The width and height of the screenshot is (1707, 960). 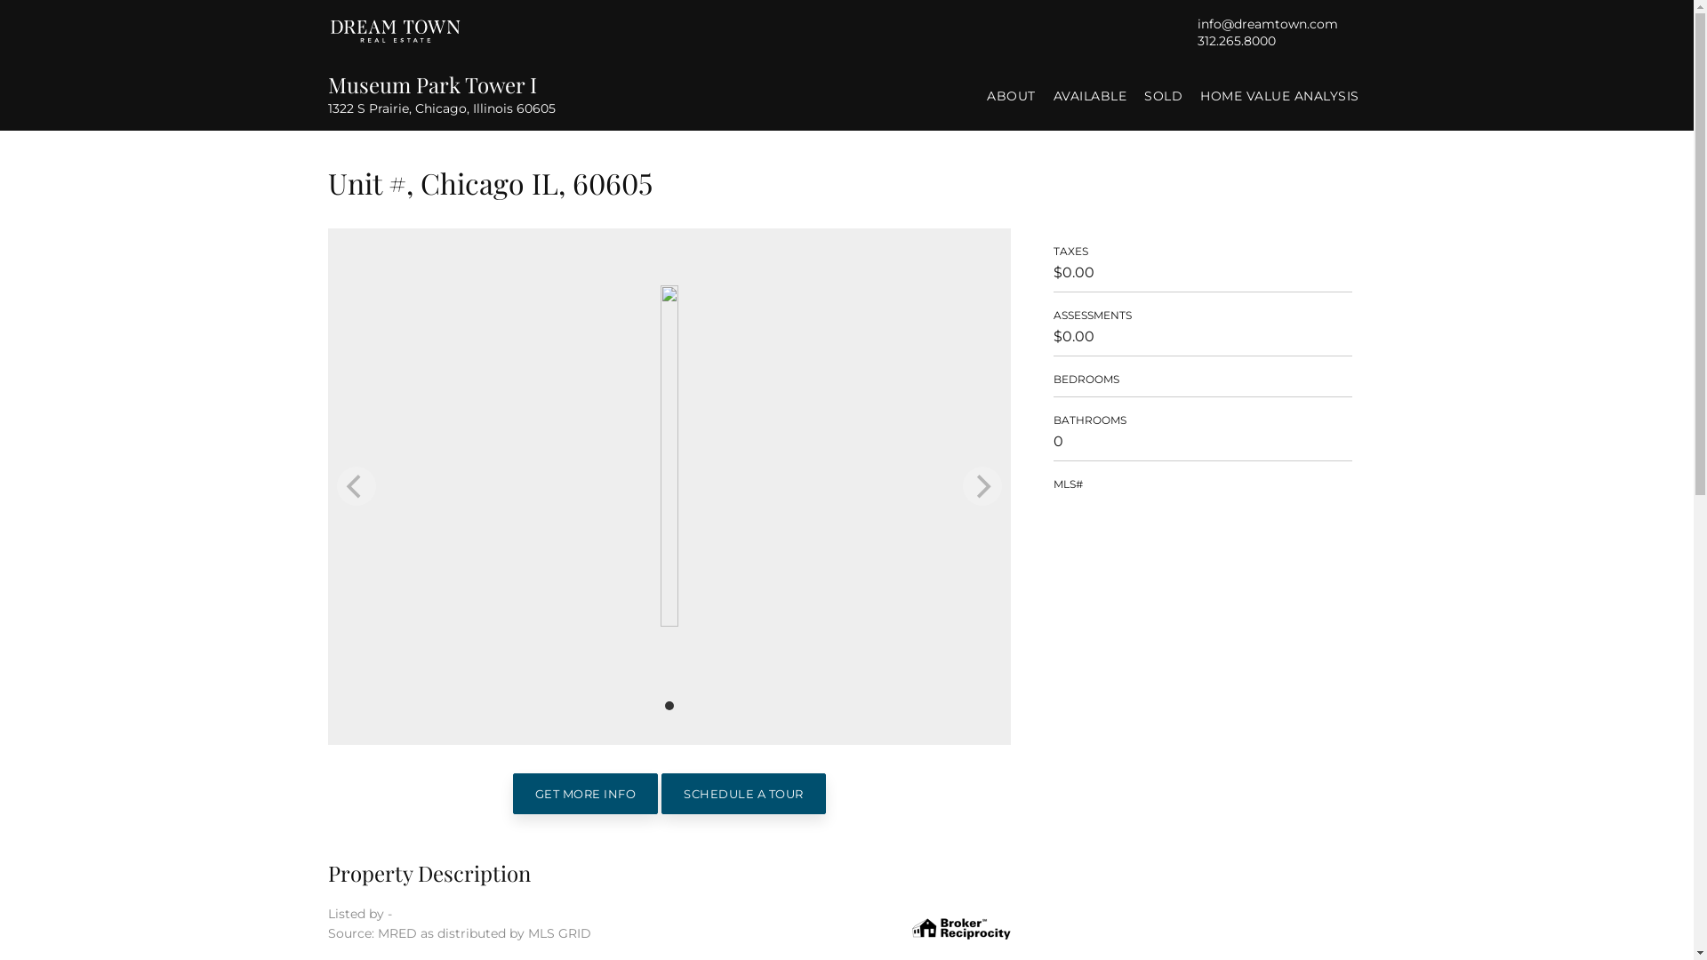 What do you see at coordinates (511, 793) in the screenshot?
I see `'GET MORE INFO'` at bounding box center [511, 793].